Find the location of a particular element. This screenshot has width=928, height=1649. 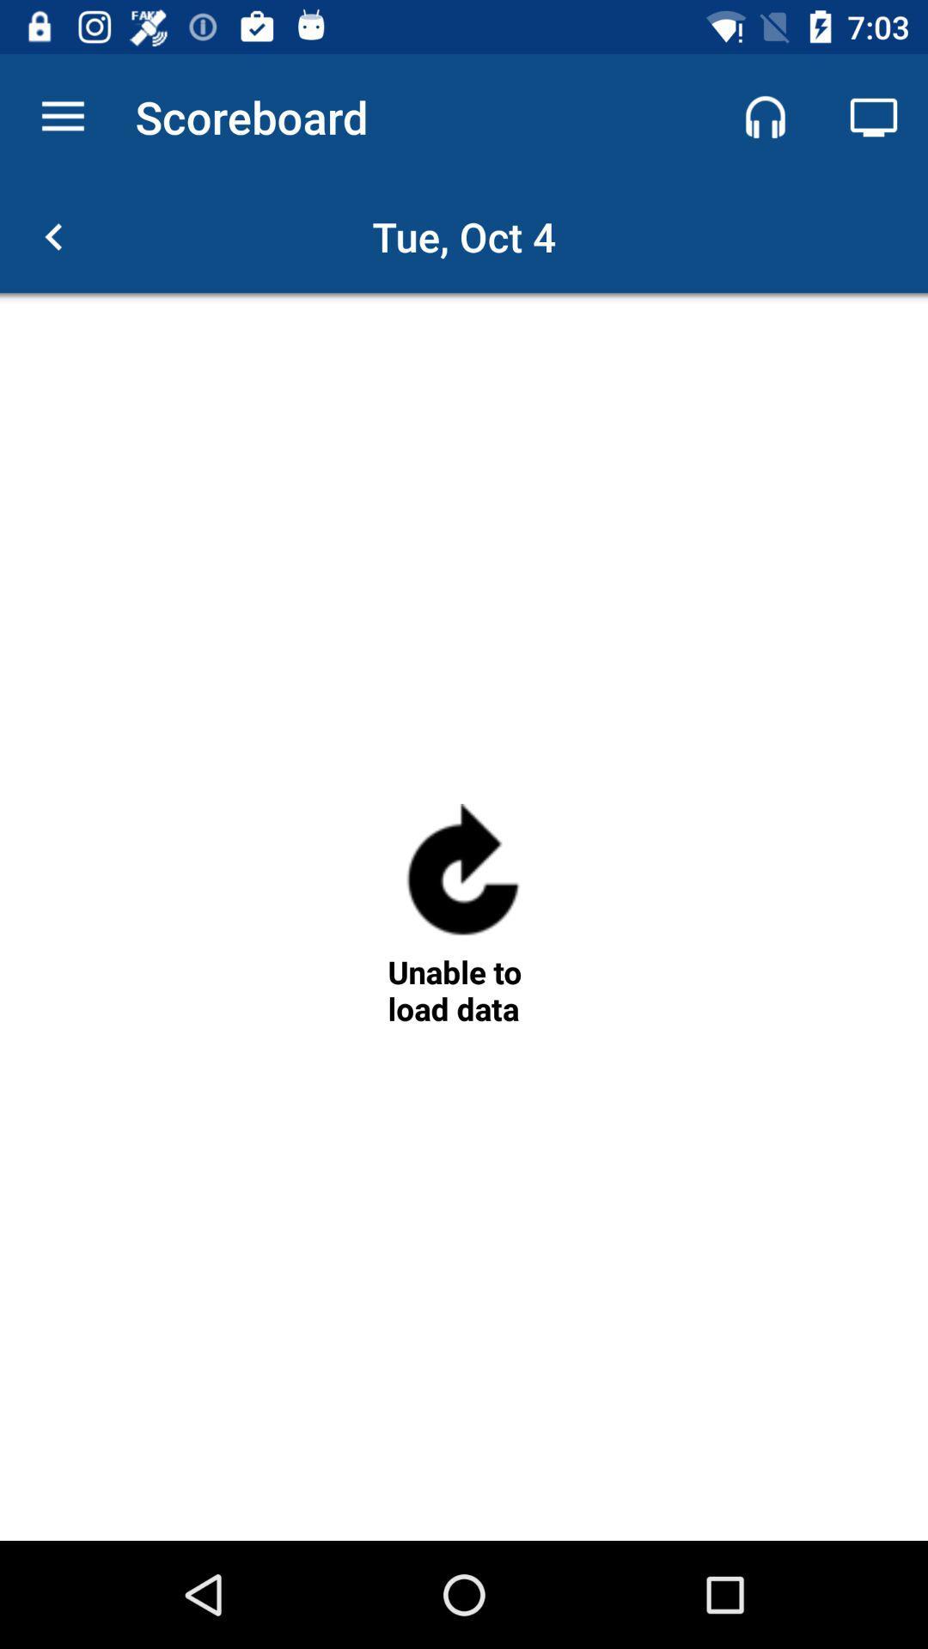

go back is located at coordinates (52, 235).